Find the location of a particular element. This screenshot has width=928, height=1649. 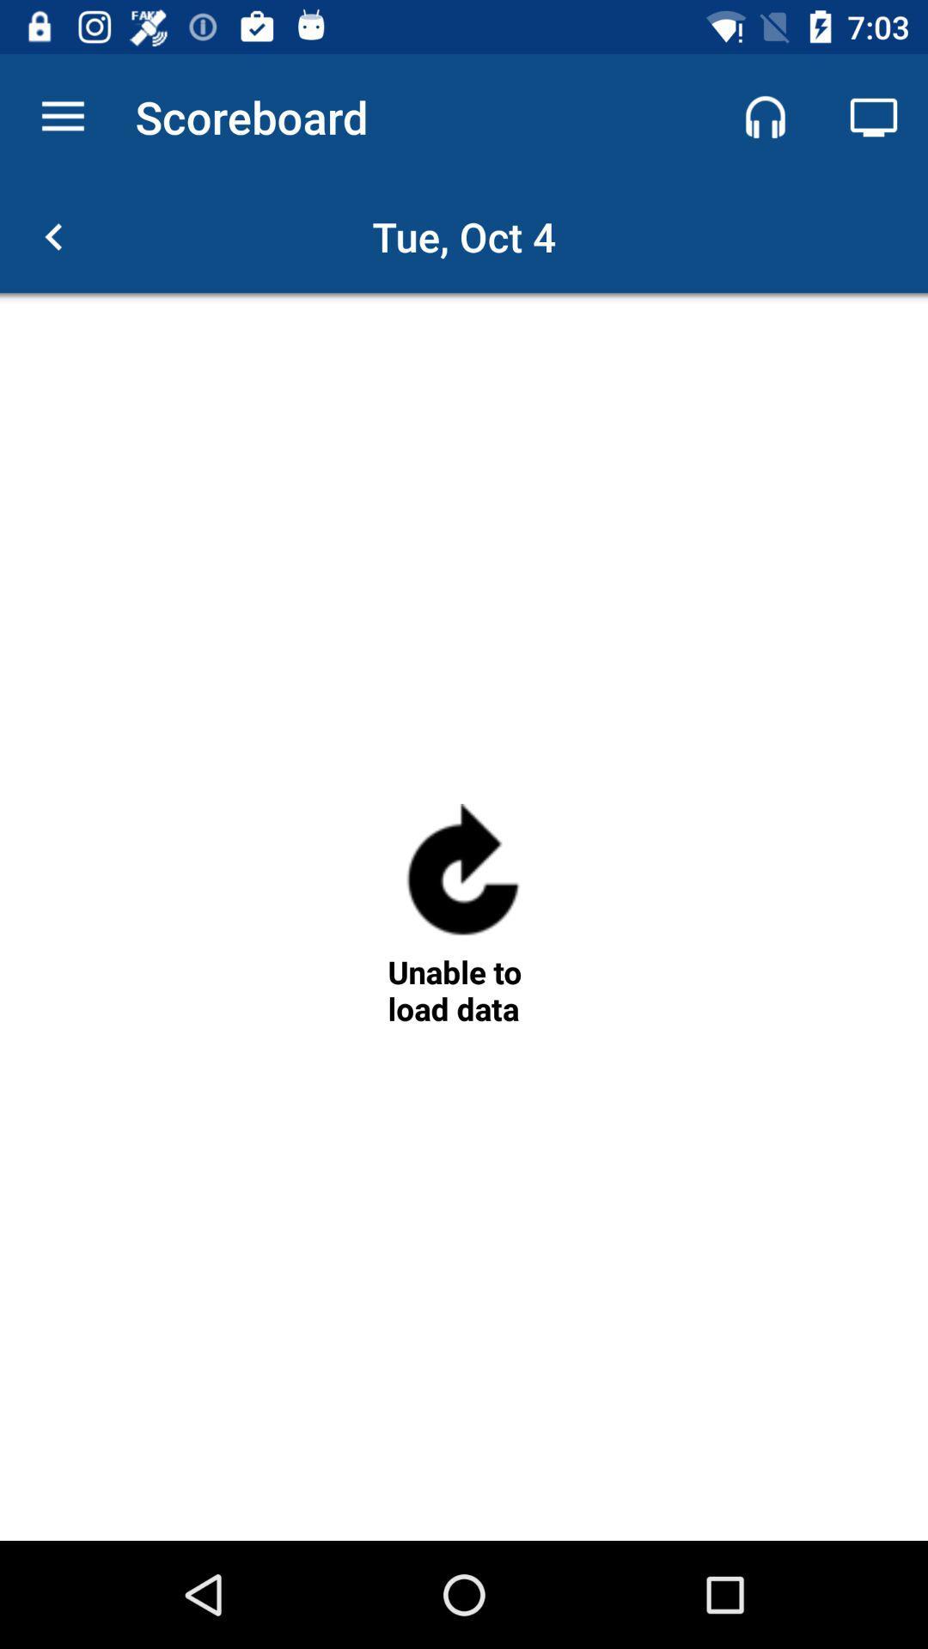

go back is located at coordinates (52, 235).